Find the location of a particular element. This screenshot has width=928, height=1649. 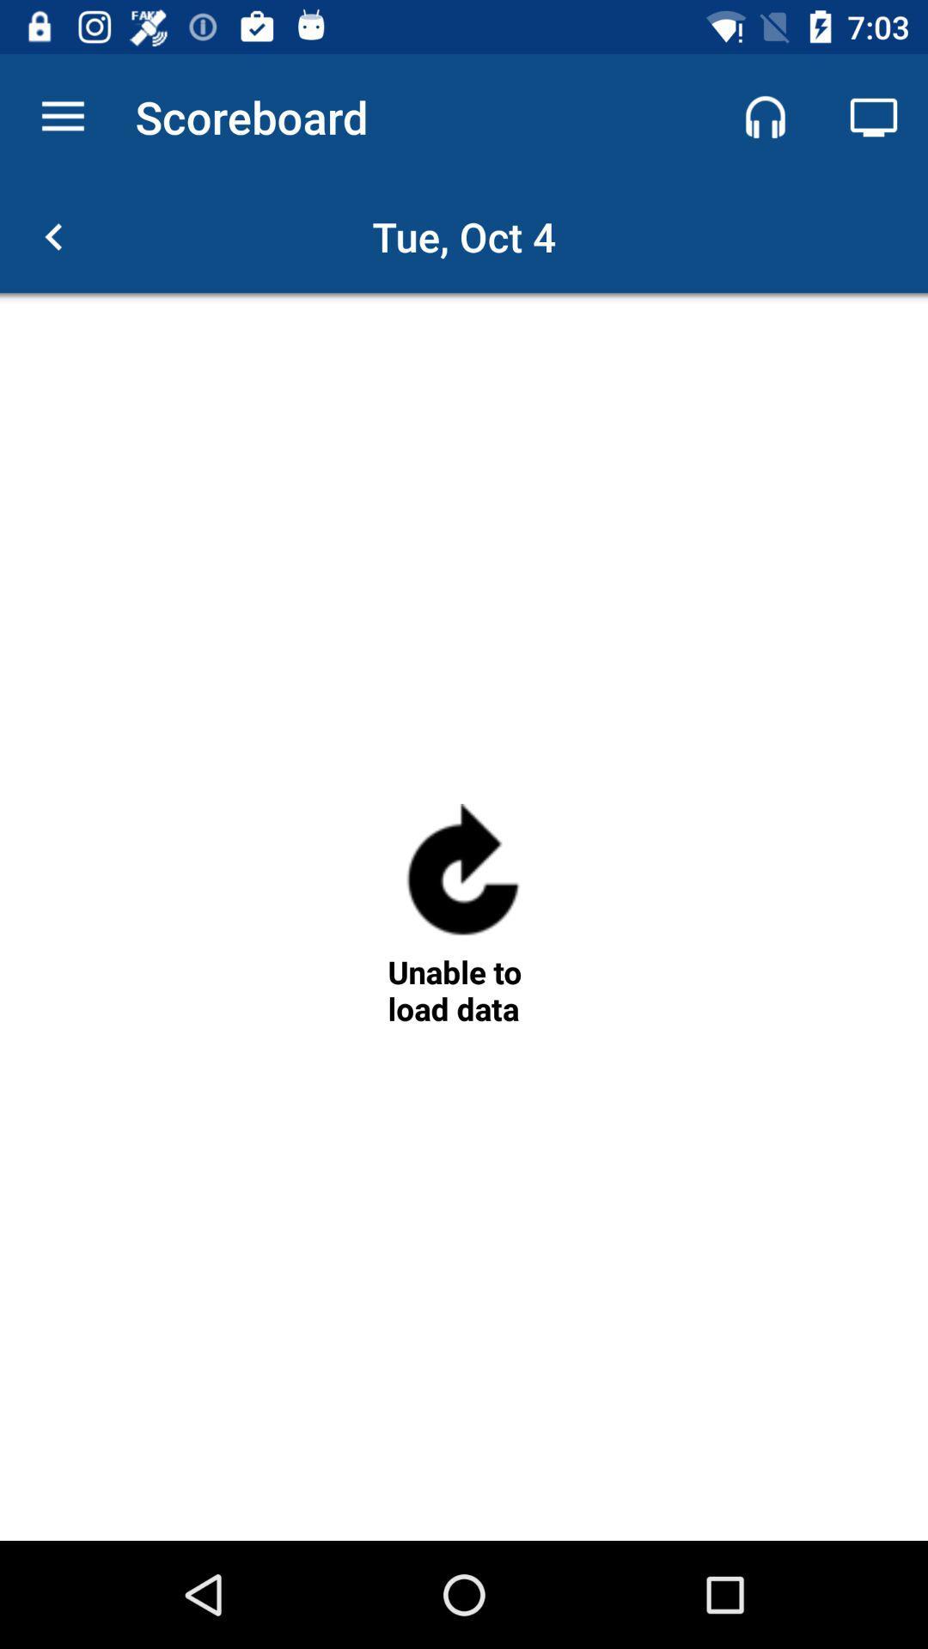

go back is located at coordinates (52, 235).